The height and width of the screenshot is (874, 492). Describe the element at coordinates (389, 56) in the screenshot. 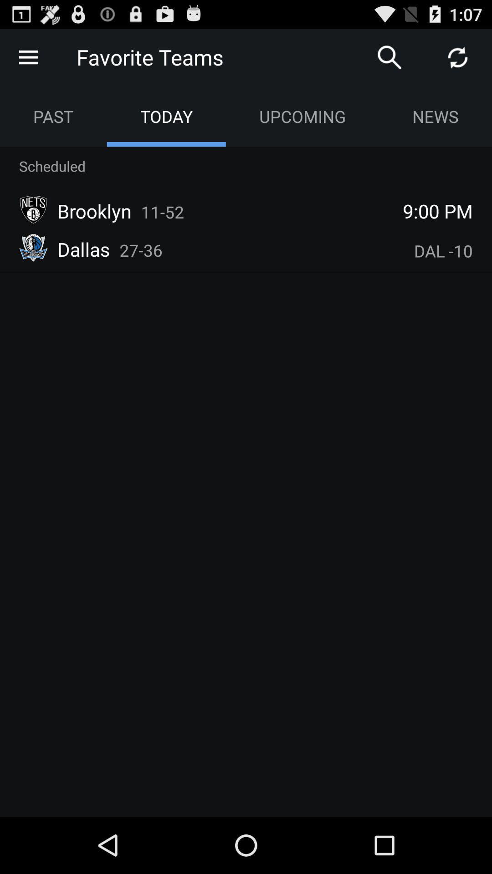

I see `perform a search` at that location.